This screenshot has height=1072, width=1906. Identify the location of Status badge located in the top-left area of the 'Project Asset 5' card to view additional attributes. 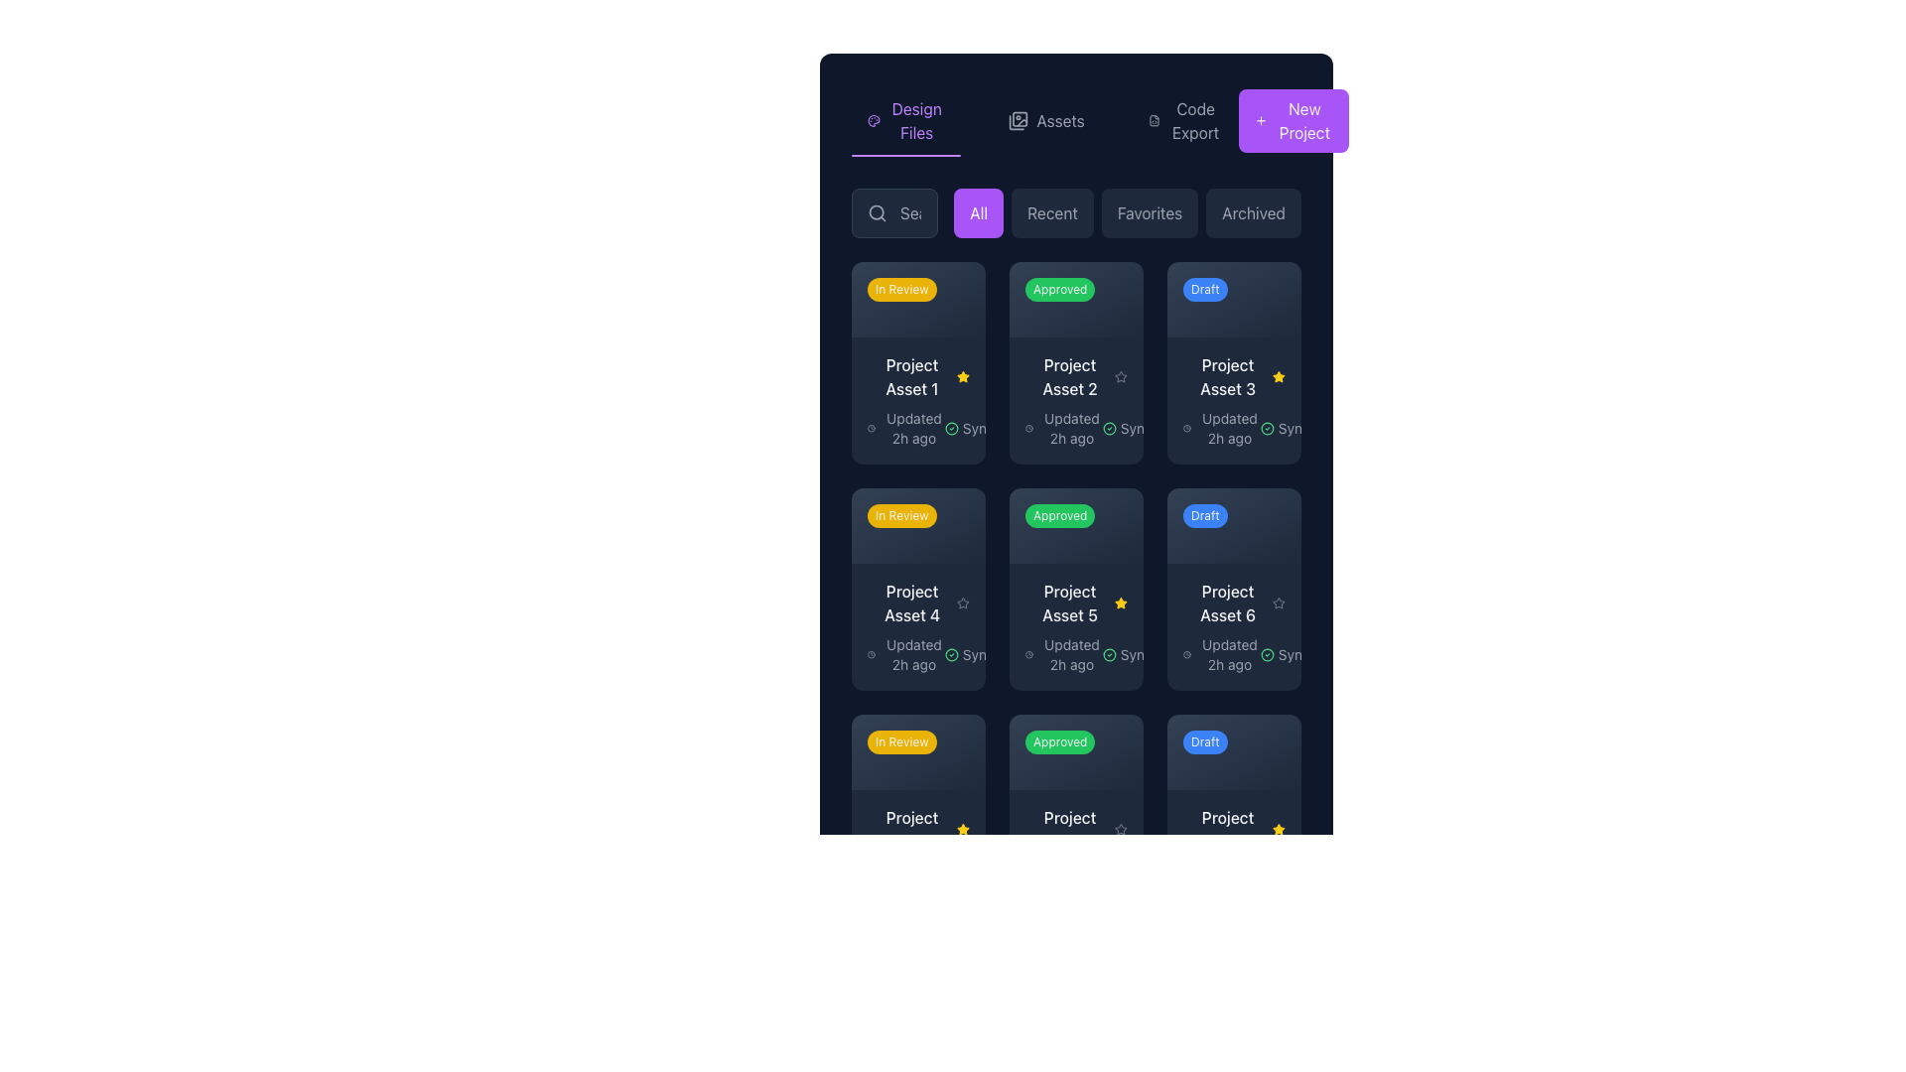
(1075, 751).